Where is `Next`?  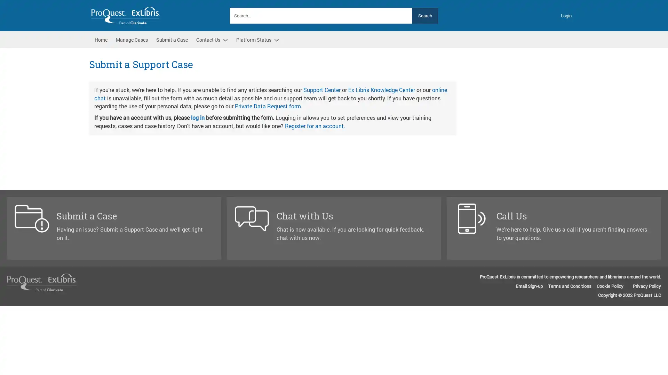 Next is located at coordinates (399, 191).